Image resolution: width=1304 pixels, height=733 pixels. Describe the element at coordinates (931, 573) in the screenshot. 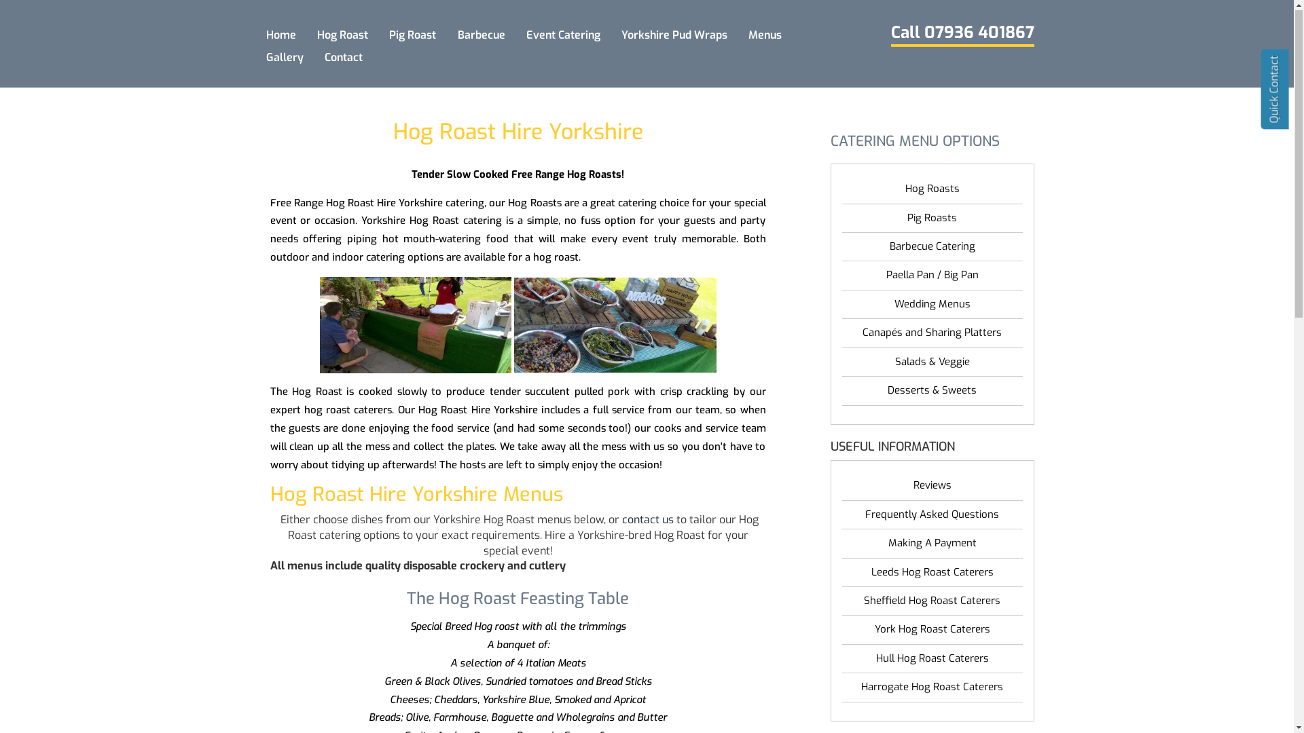

I see `'Leeds Hog Roast Caterers'` at that location.